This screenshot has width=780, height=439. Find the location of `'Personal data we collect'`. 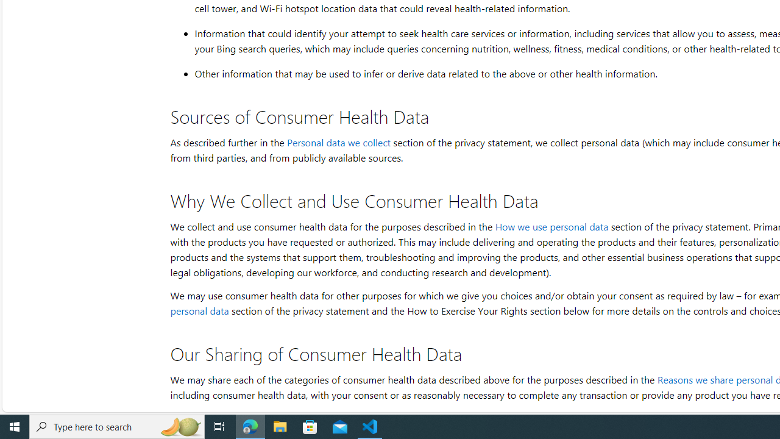

'Personal data we collect' is located at coordinates (338, 141).